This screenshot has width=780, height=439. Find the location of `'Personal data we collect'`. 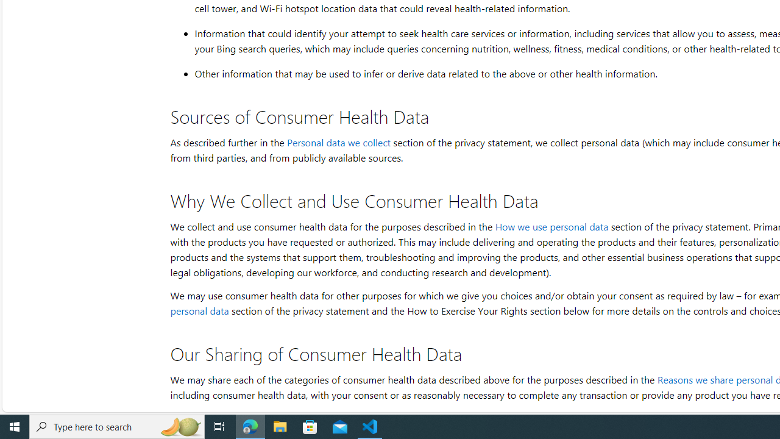

'Personal data we collect' is located at coordinates (338, 141).